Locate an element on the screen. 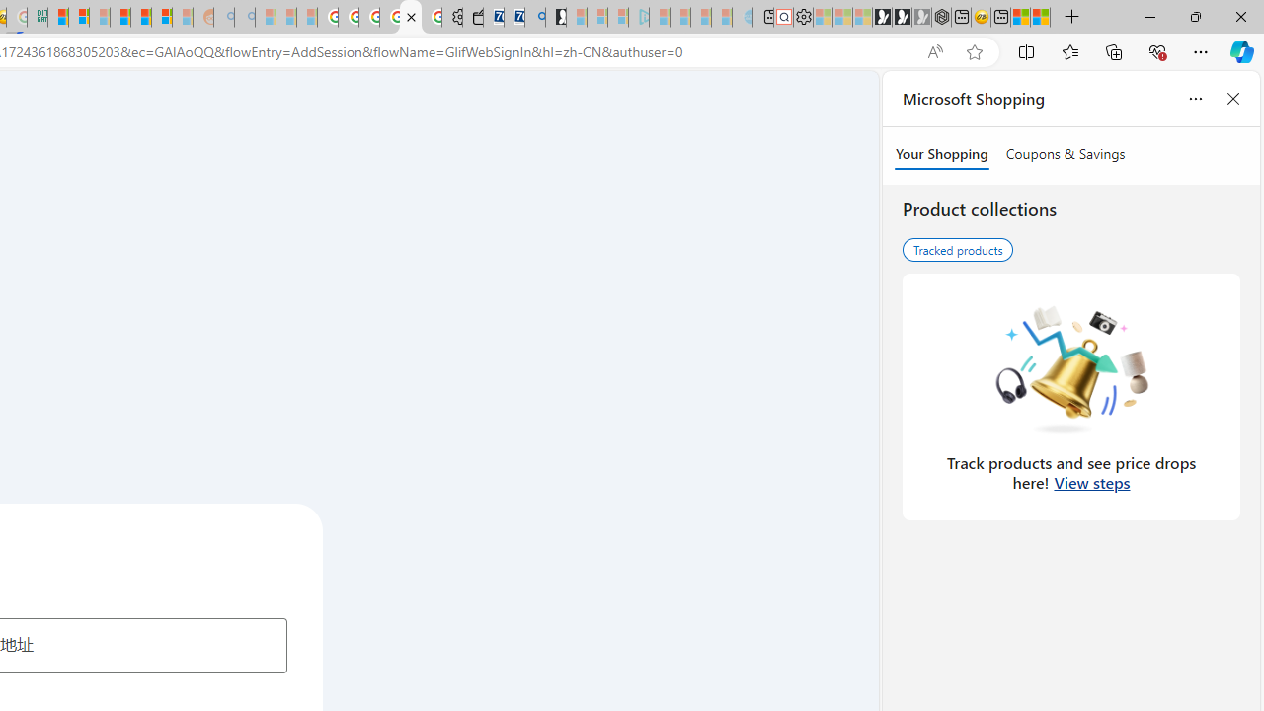  'Play Free Online Games | Games from Microsoft Start' is located at coordinates (881, 17).